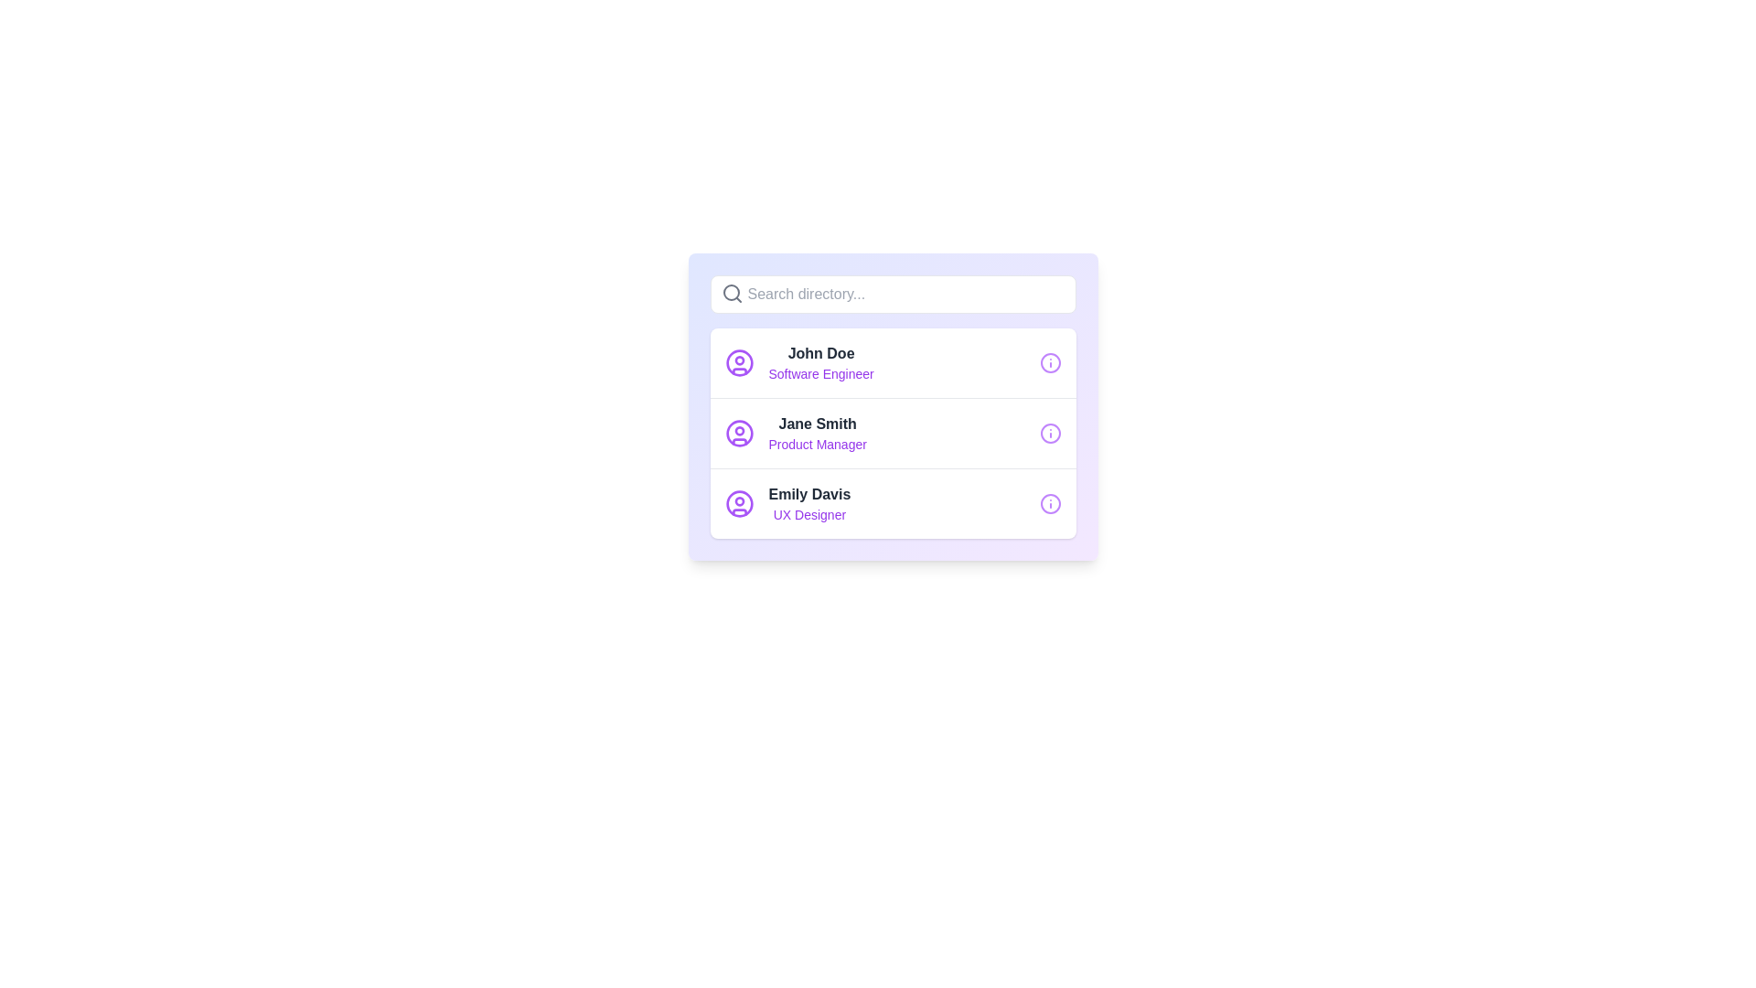  Describe the element at coordinates (820, 372) in the screenshot. I see `the static label text providing descriptive information about the role of 'John Doe', positioned under the bold name text in the top section of the card-like structure` at that location.